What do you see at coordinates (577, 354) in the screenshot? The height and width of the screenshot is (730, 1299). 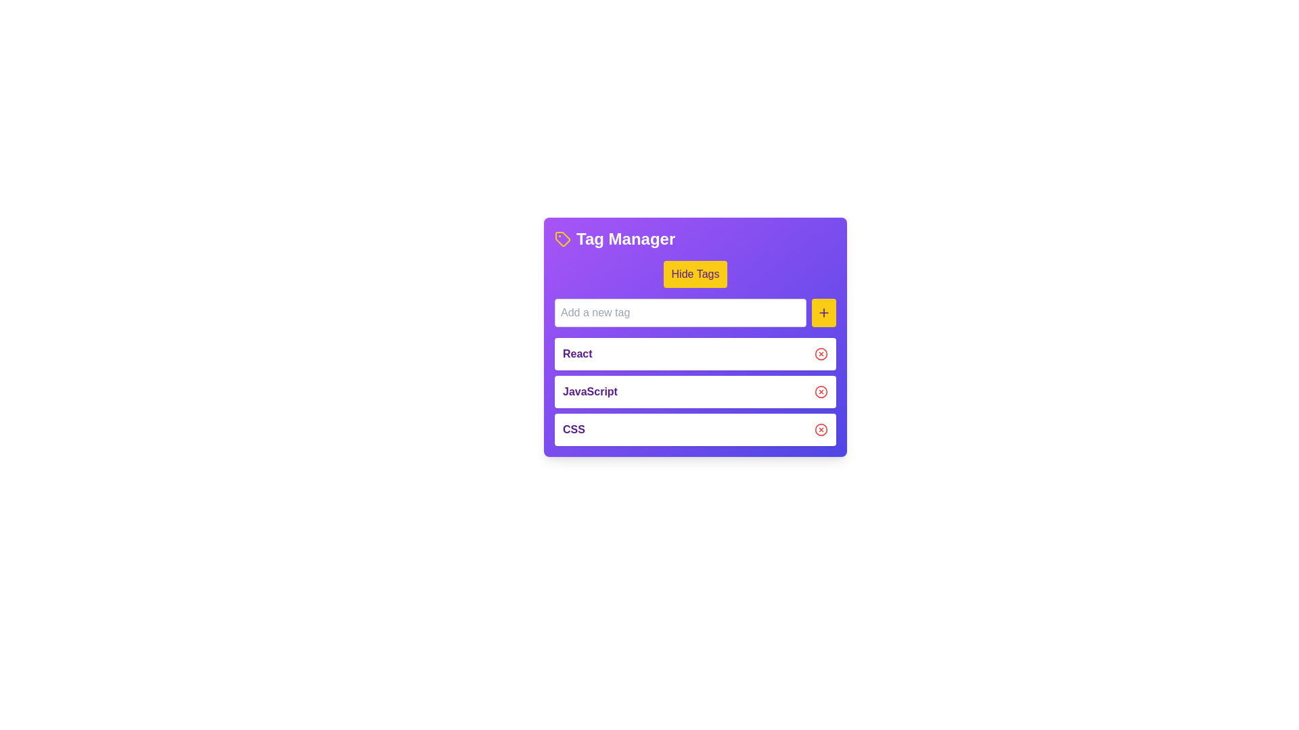 I see `the label displaying 'React' in the first row of the list under the 'Tag Manager' pane, which is aligned to the left within a white box with rounded corners` at bounding box center [577, 354].